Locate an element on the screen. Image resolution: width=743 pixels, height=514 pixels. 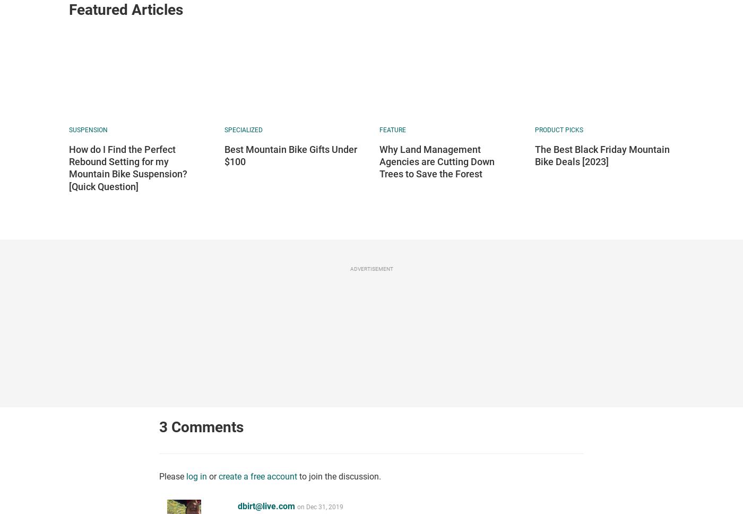
'The Best Black Friday Mountain Bike Deals [2023]' is located at coordinates (602, 155).